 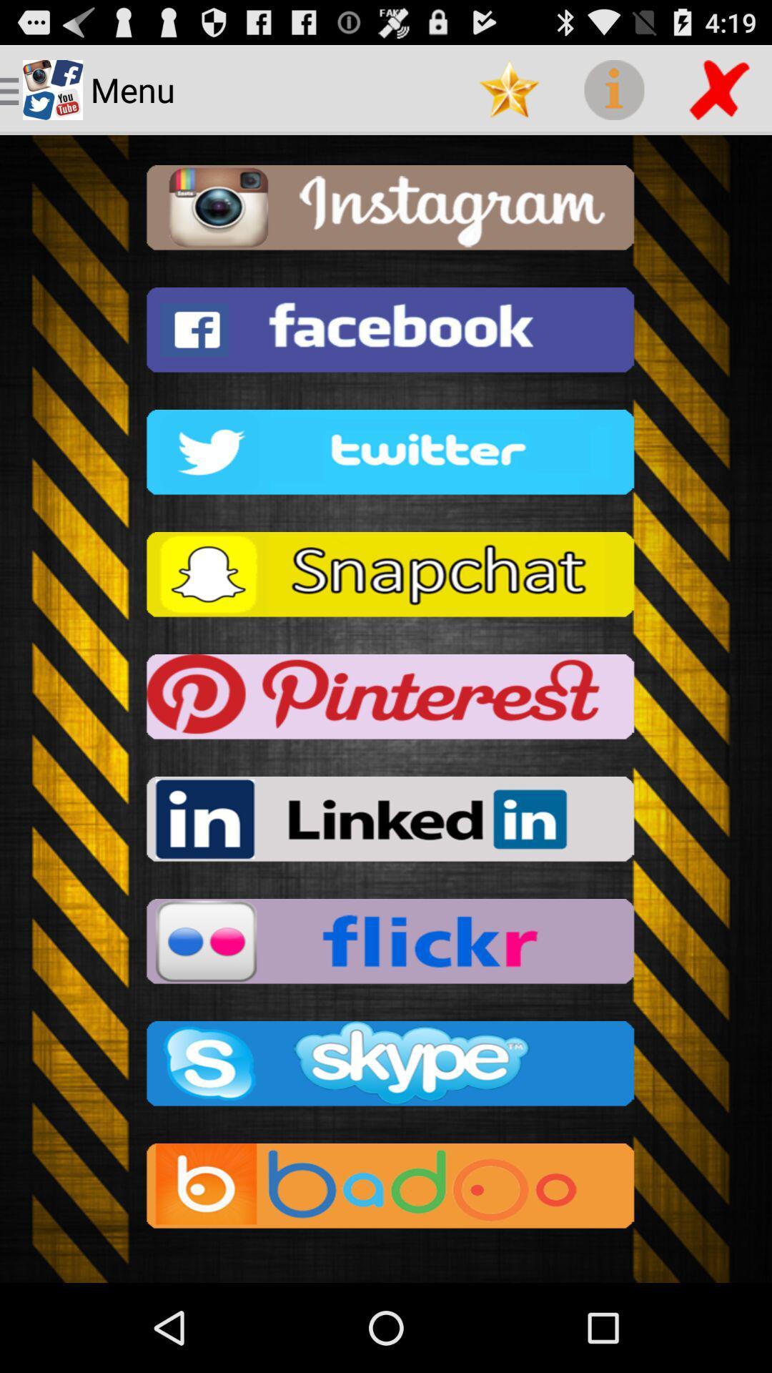 I want to click on to linked option, so click(x=386, y=823).